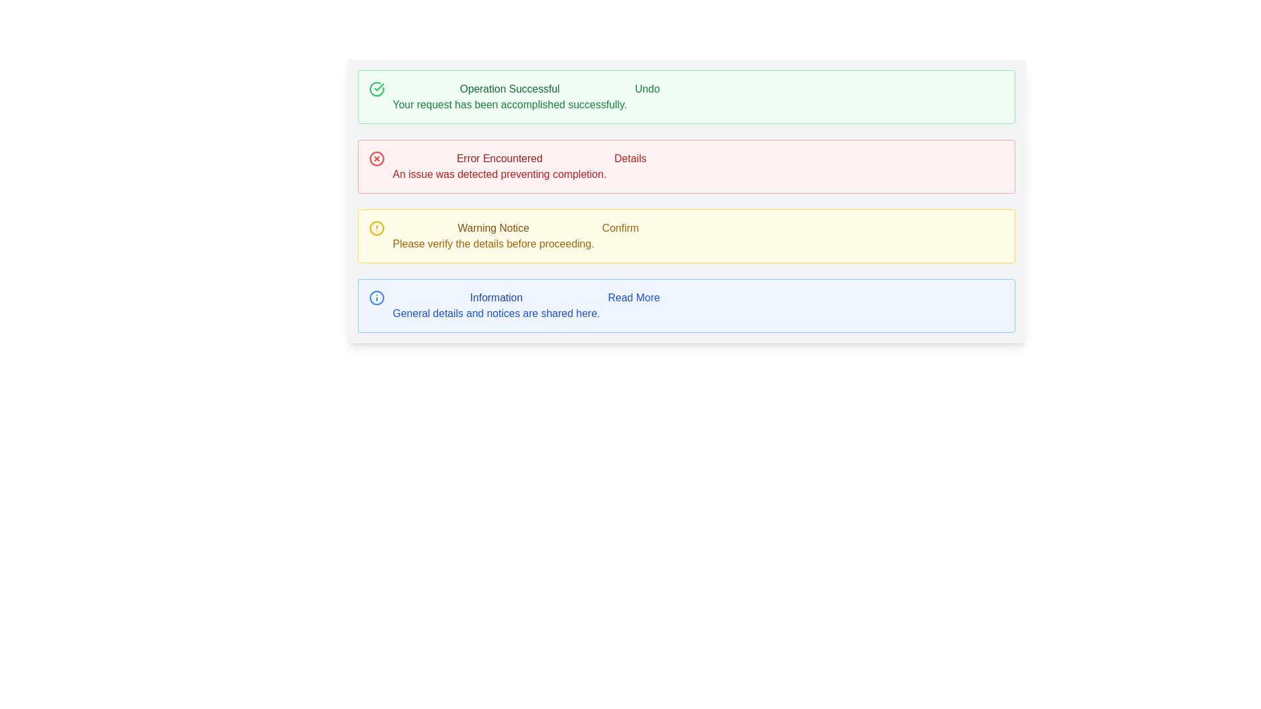  Describe the element at coordinates (378, 87) in the screenshot. I see `the green checkmark icon within the notification box, which indicates an 'Operation Successful' message` at that location.